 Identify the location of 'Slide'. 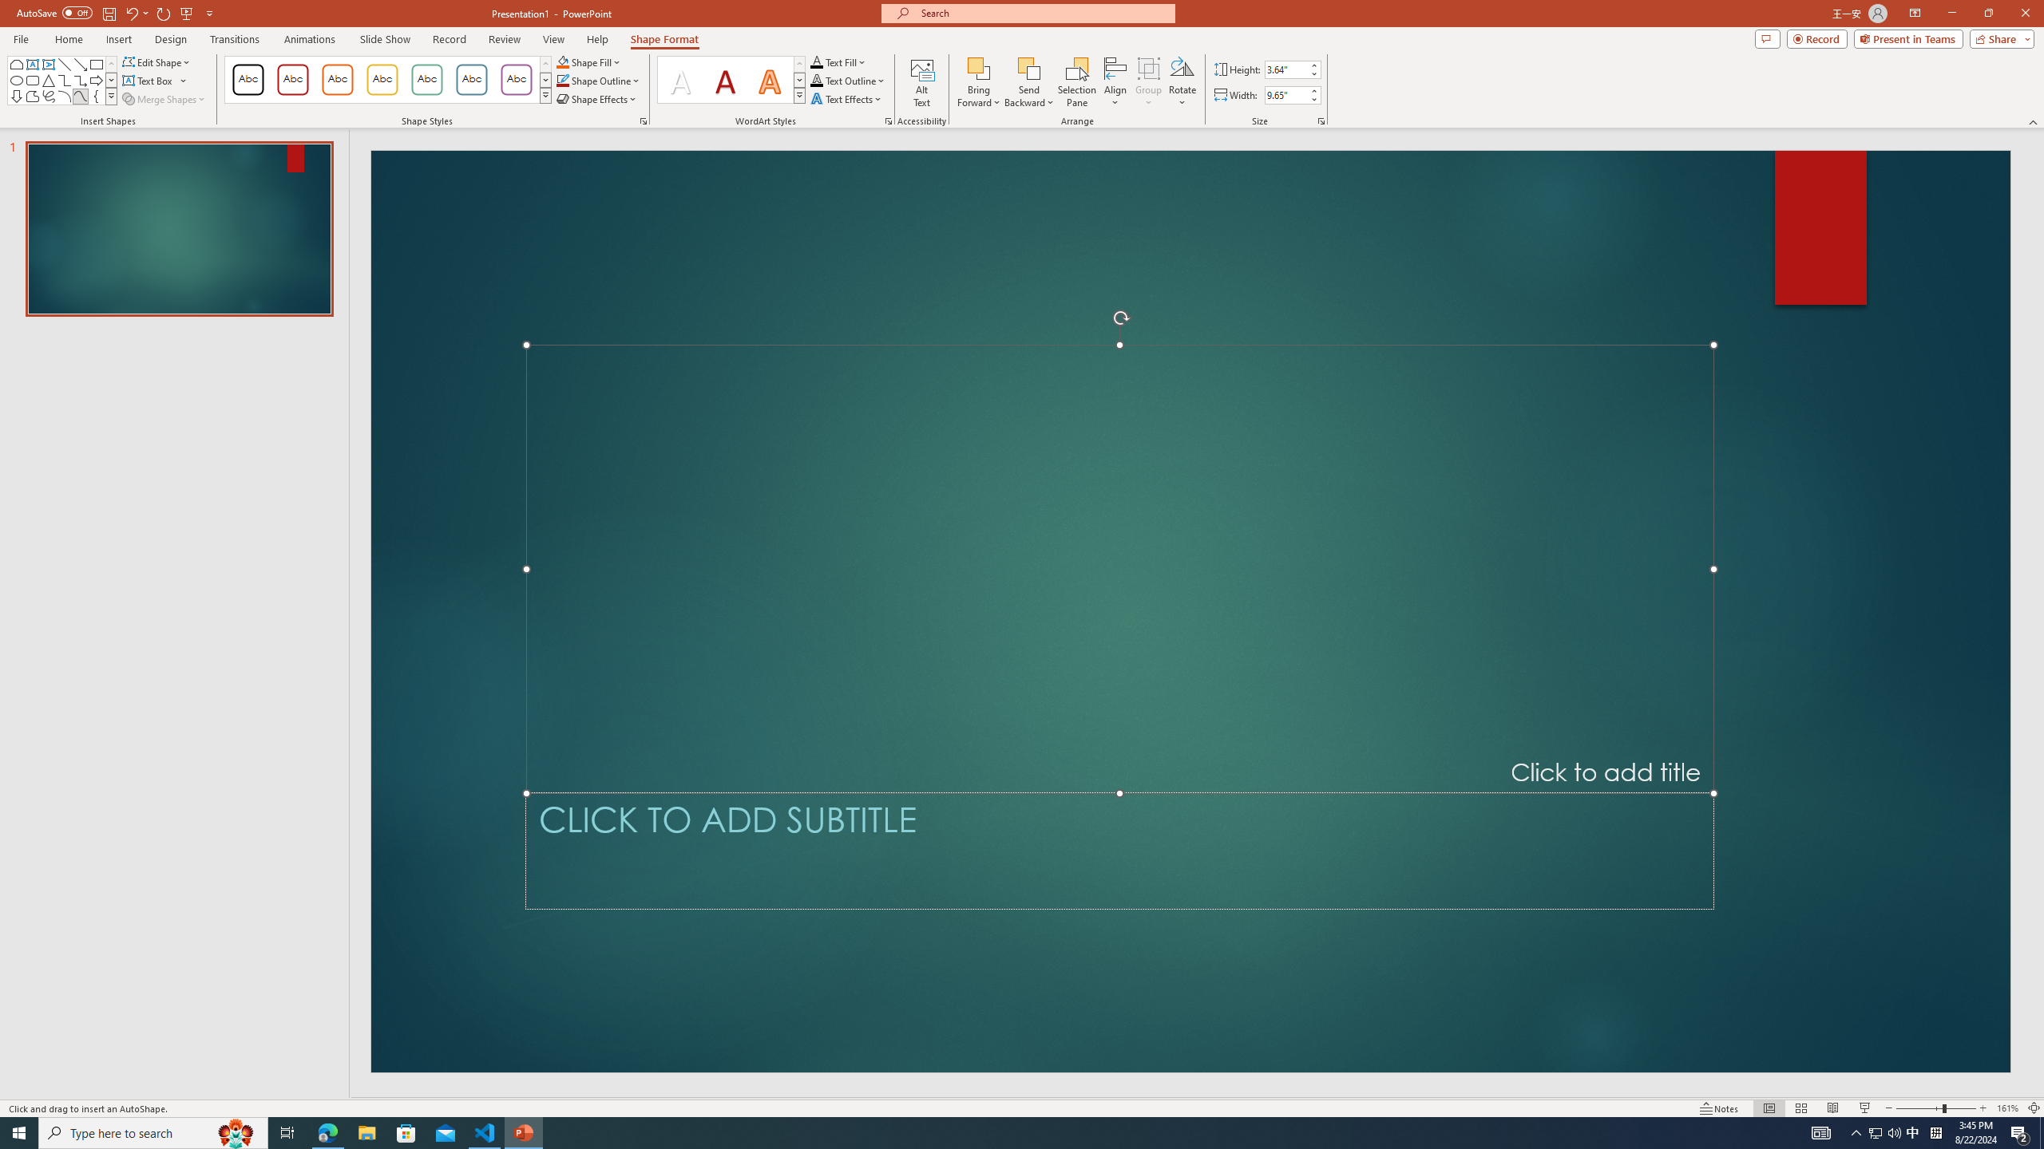
(179, 229).